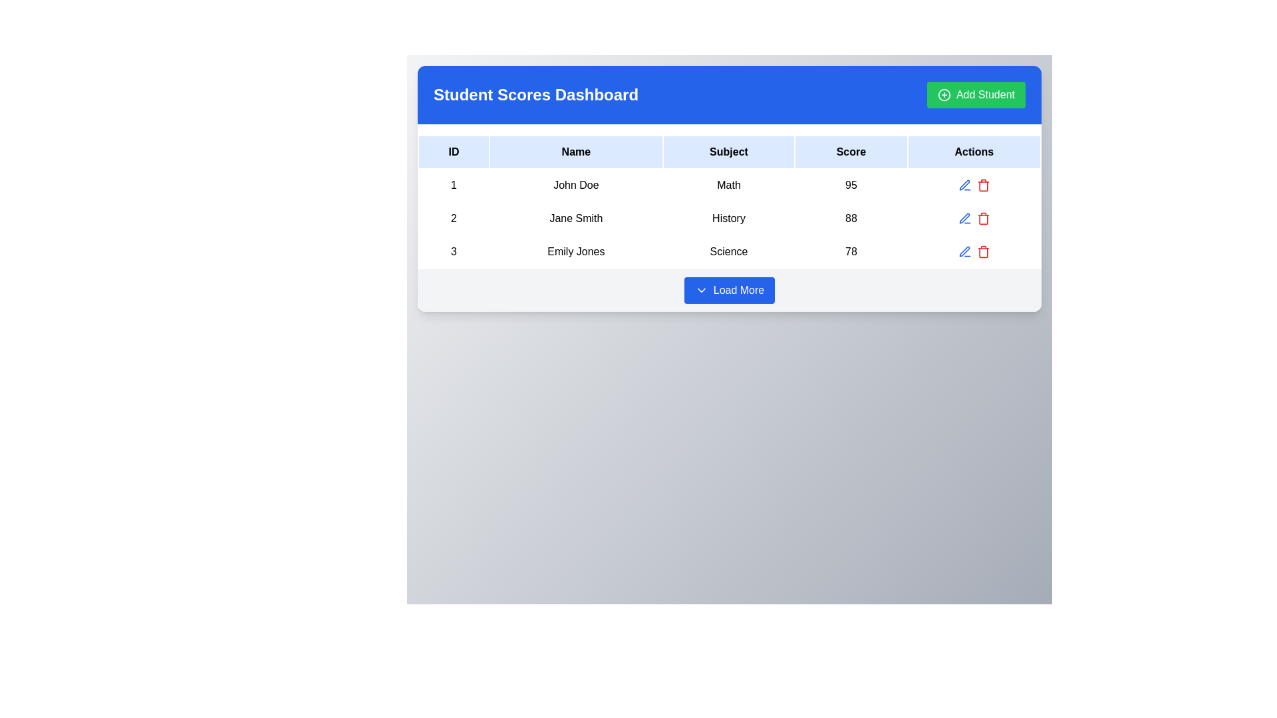 The height and width of the screenshot is (718, 1277). Describe the element at coordinates (729, 217) in the screenshot. I see `the second row of the table displaying details for the student 'Jane Smith'` at that location.